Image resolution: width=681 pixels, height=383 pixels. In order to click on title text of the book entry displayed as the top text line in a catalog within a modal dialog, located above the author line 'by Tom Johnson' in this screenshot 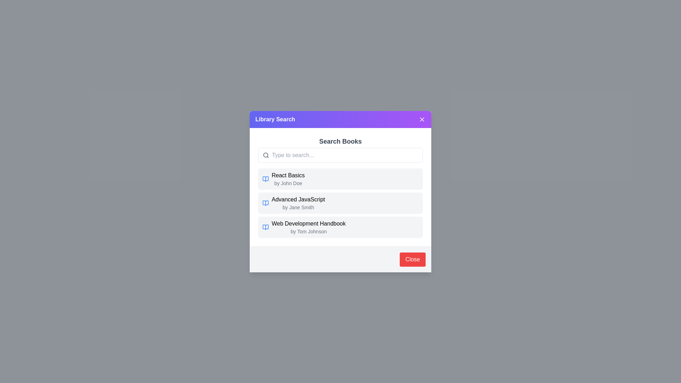, I will do `click(309, 223)`.